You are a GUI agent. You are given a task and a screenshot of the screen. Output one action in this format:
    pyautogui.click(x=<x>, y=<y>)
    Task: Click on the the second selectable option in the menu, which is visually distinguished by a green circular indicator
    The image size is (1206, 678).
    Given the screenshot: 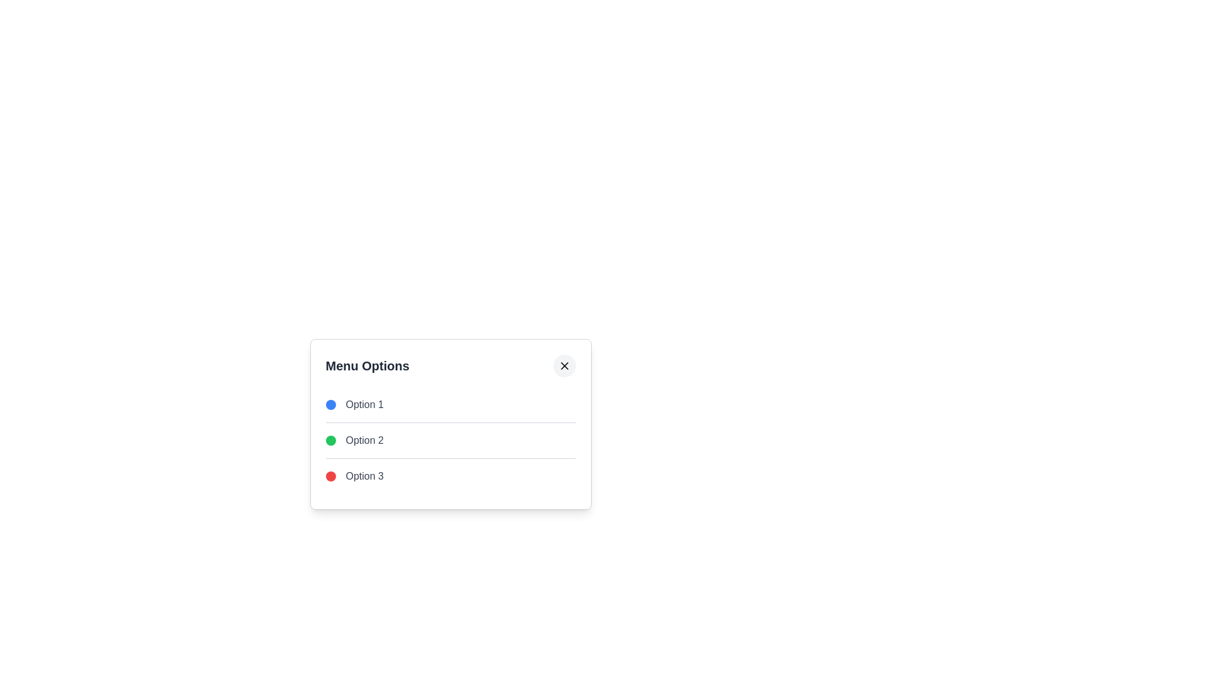 What is the action you would take?
    pyautogui.click(x=450, y=439)
    